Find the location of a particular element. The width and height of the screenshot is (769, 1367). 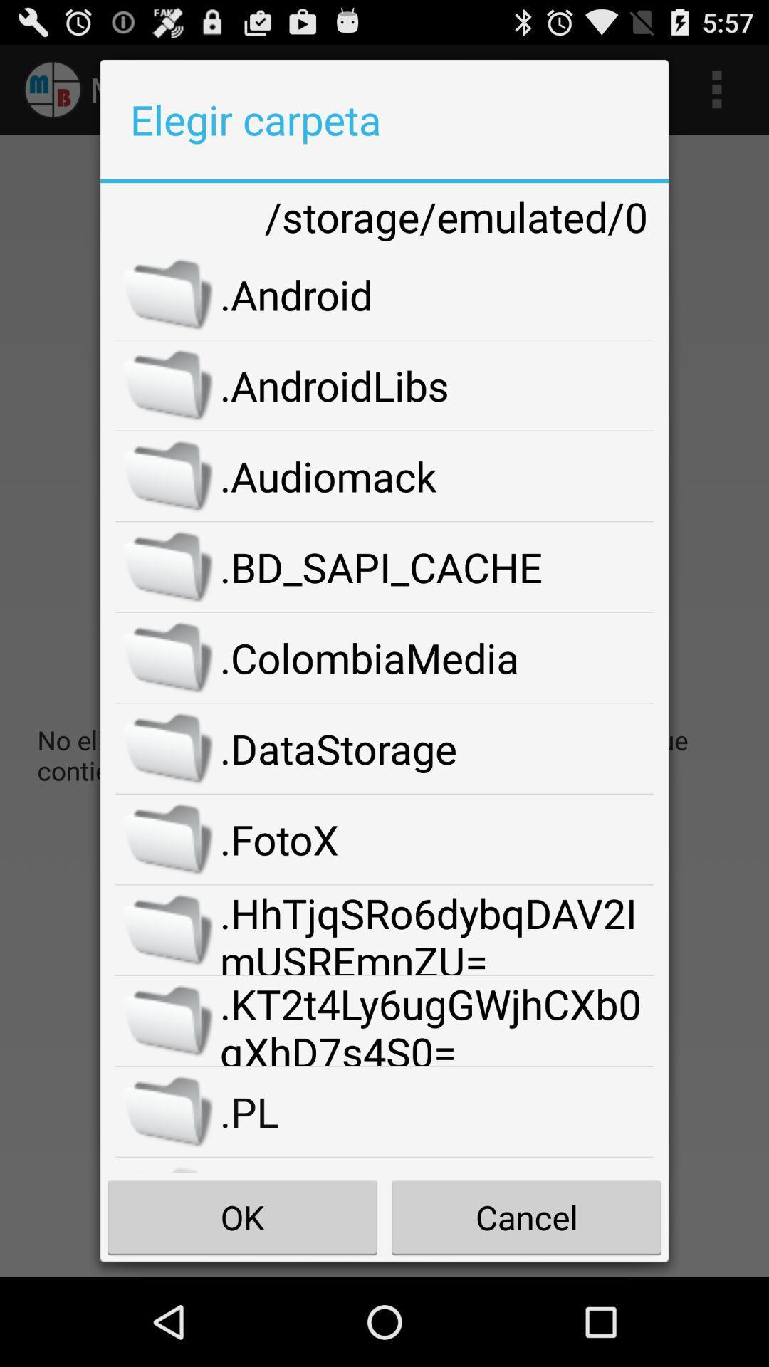

the item below .sdkdownloads is located at coordinates (526, 1216).